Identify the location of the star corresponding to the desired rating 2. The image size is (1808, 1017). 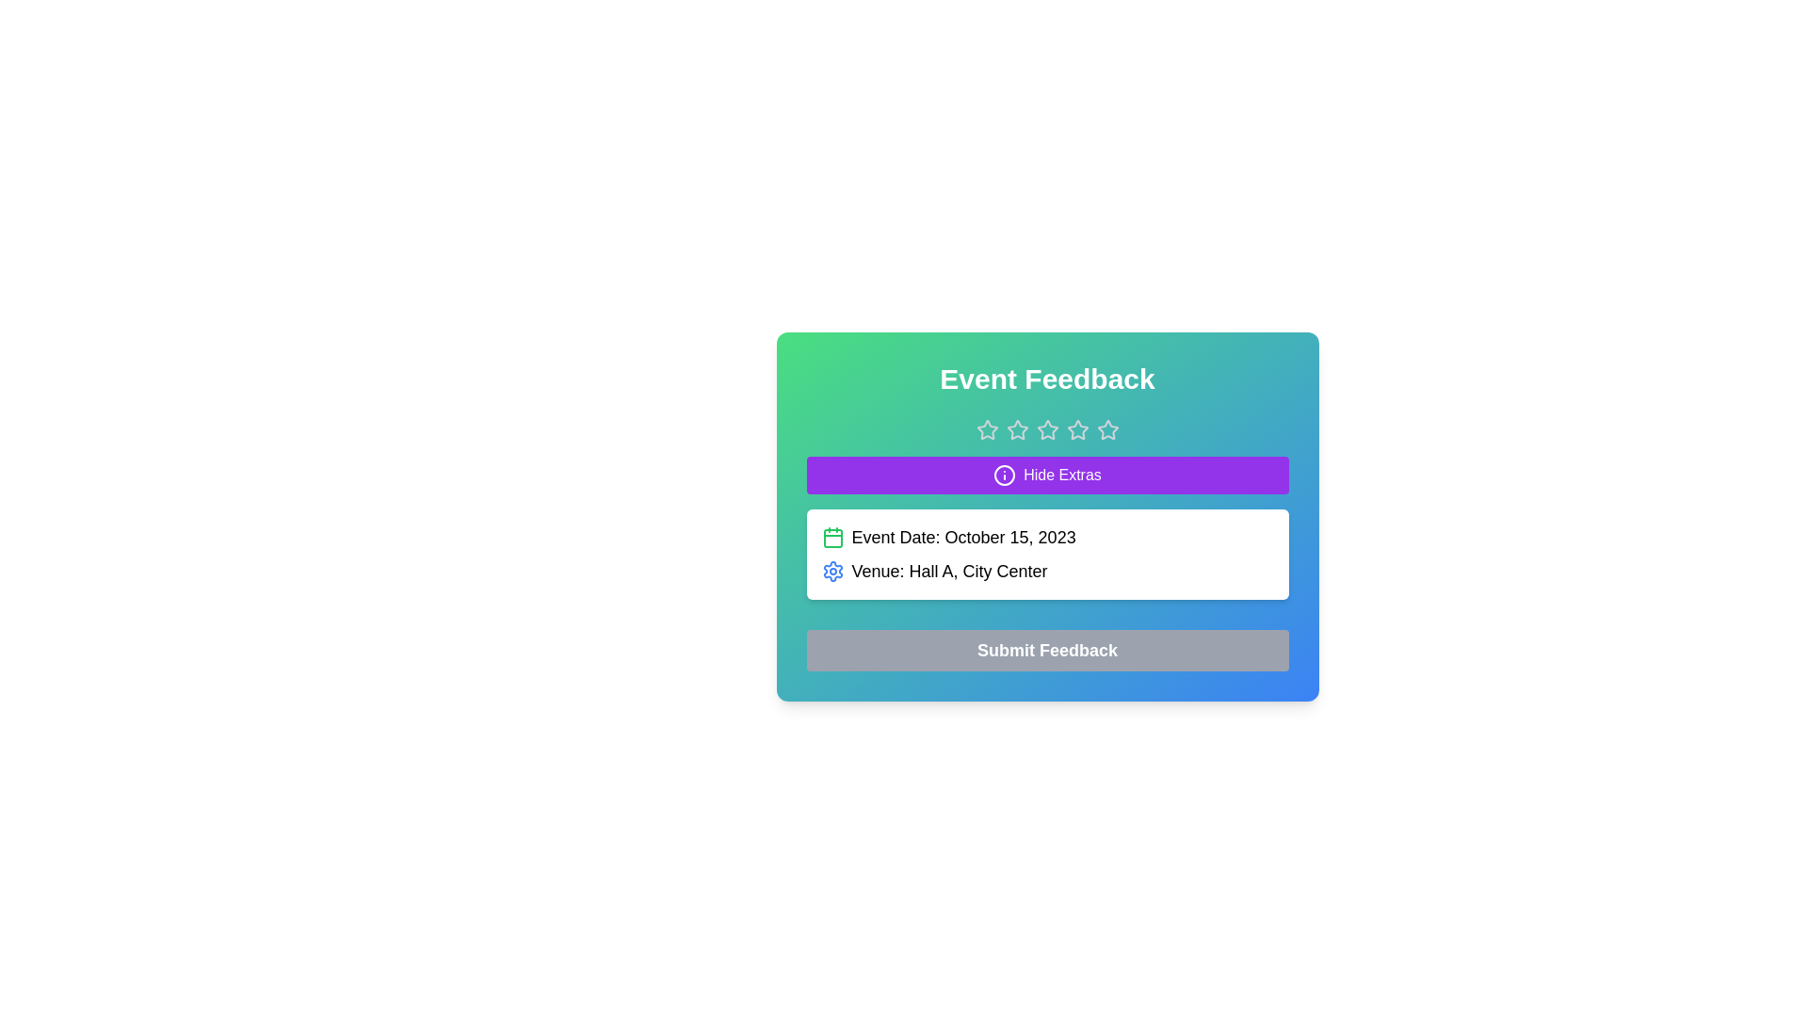
(1016, 429).